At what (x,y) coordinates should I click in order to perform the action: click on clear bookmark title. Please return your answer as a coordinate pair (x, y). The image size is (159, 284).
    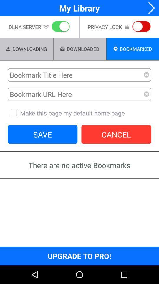
    Looking at the image, I should click on (146, 75).